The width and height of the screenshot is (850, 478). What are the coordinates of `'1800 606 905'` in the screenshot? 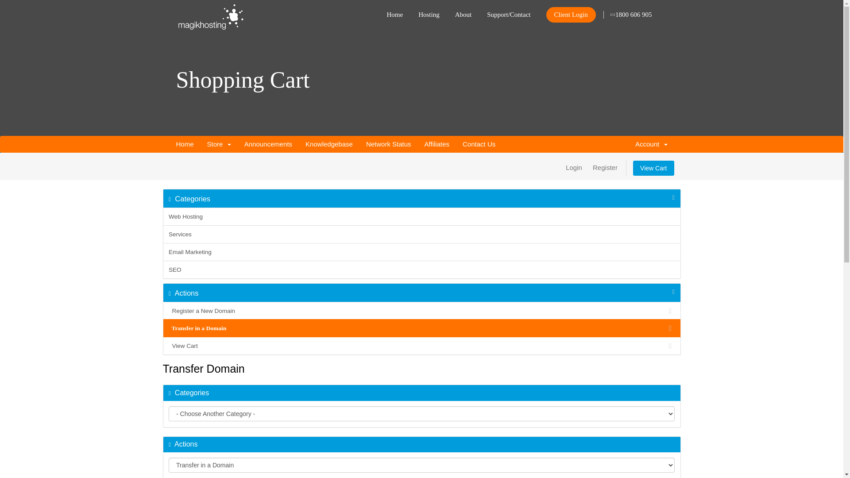 It's located at (631, 12).